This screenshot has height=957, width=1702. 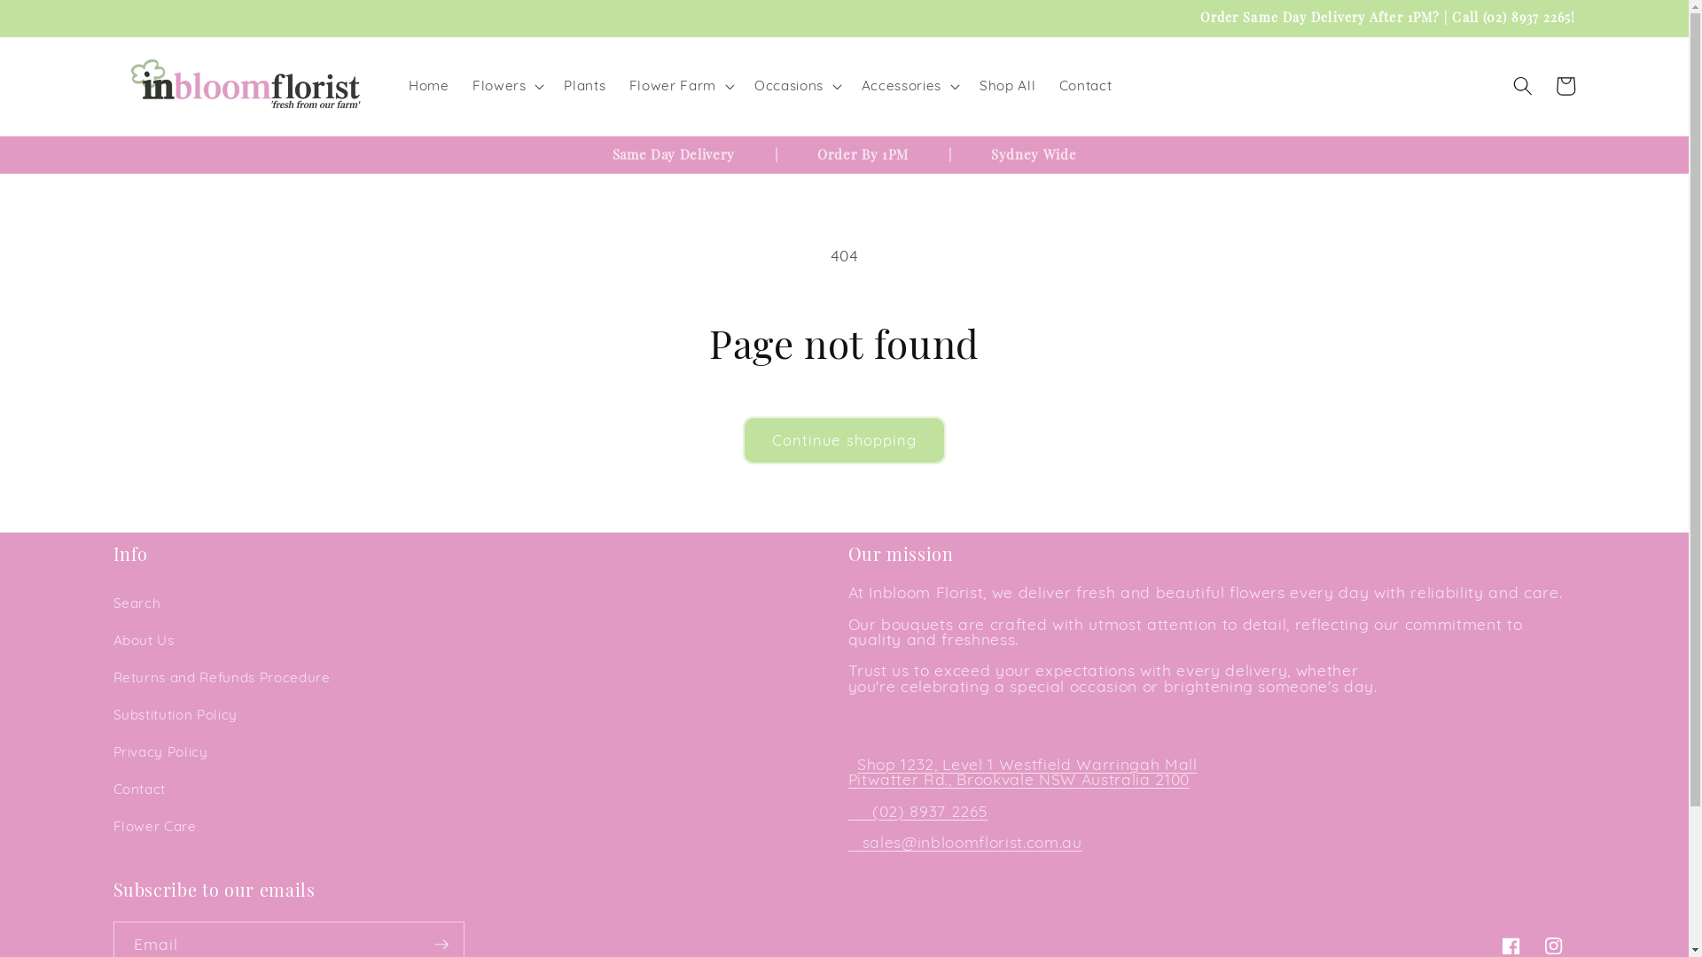 I want to click on 'sales@inbloomflorist.com.au', so click(x=863, y=840).